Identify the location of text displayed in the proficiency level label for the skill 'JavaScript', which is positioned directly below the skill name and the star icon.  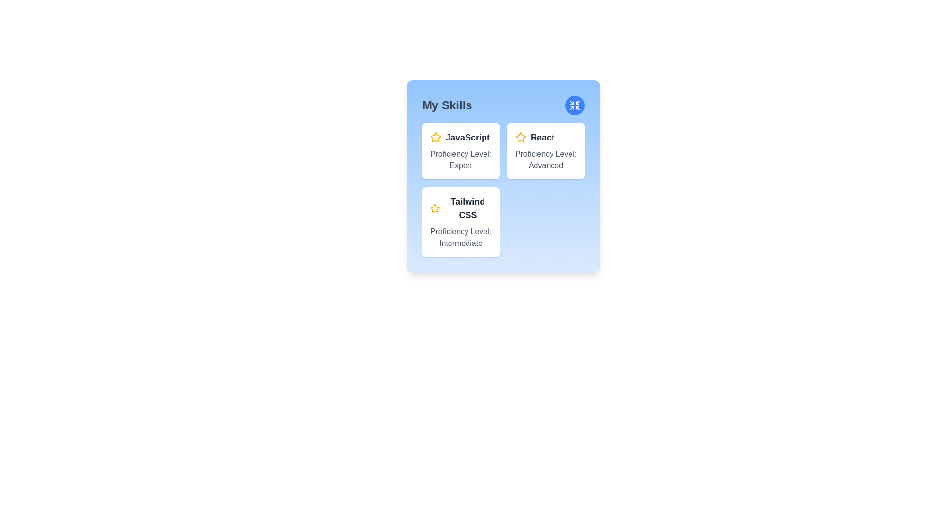
(460, 159).